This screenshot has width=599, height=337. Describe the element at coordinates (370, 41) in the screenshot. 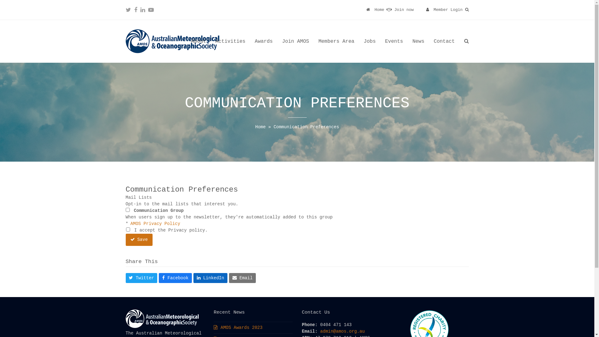

I see `'Jobs'` at that location.